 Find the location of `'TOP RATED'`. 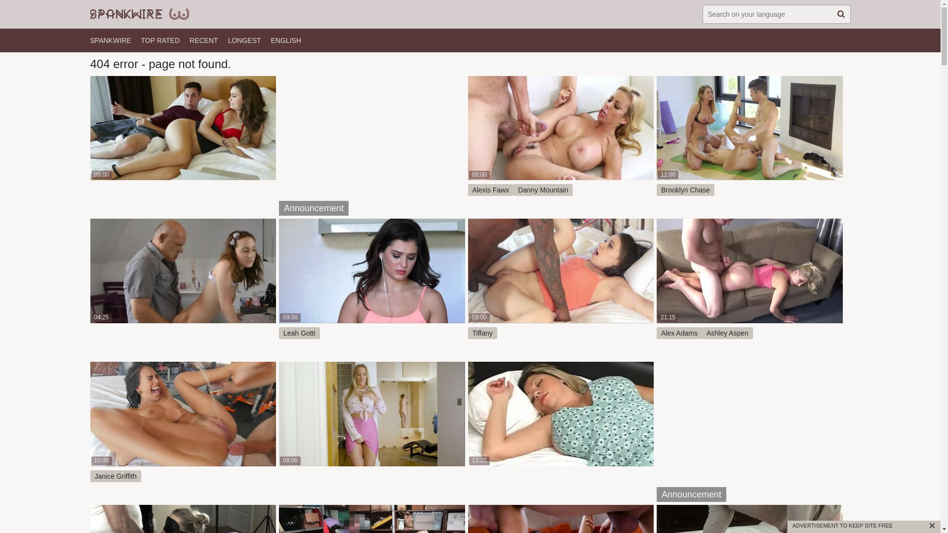

'TOP RATED' is located at coordinates (160, 39).